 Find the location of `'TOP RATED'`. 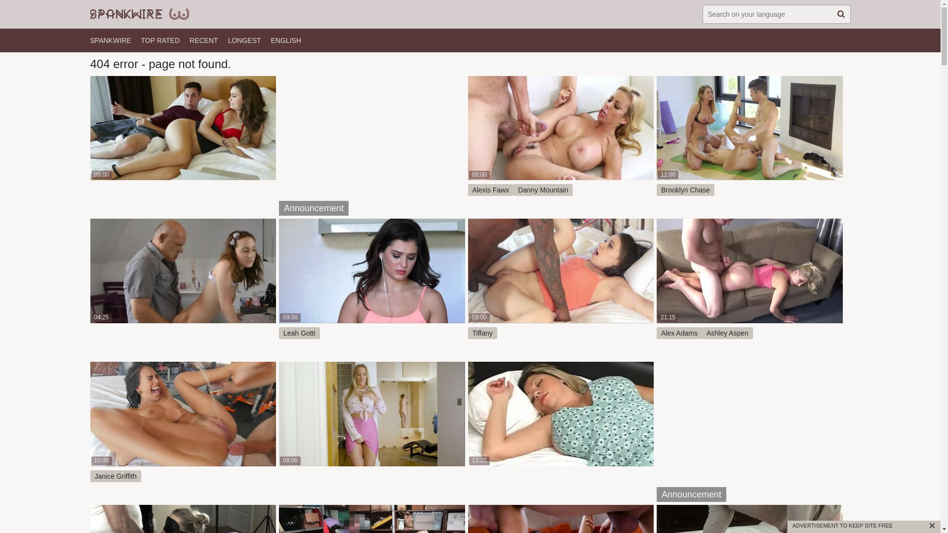

'TOP RATED' is located at coordinates (160, 39).